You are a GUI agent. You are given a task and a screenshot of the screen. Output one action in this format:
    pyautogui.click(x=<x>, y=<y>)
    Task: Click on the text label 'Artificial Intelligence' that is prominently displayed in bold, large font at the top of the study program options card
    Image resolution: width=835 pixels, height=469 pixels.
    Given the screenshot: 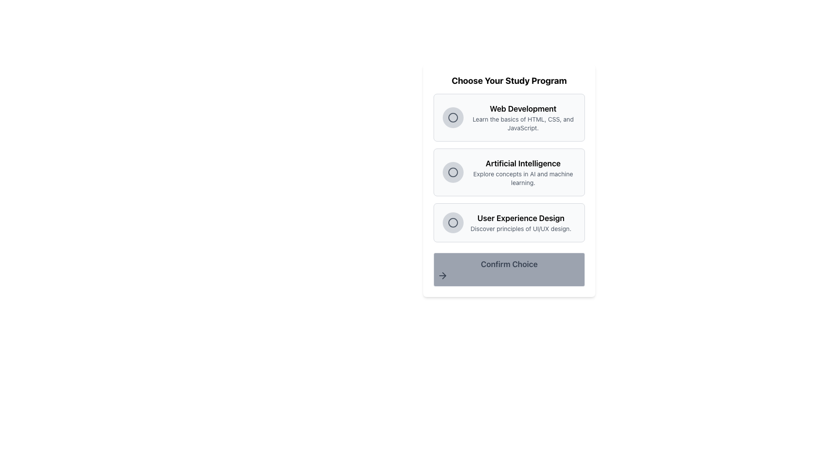 What is the action you would take?
    pyautogui.click(x=523, y=164)
    